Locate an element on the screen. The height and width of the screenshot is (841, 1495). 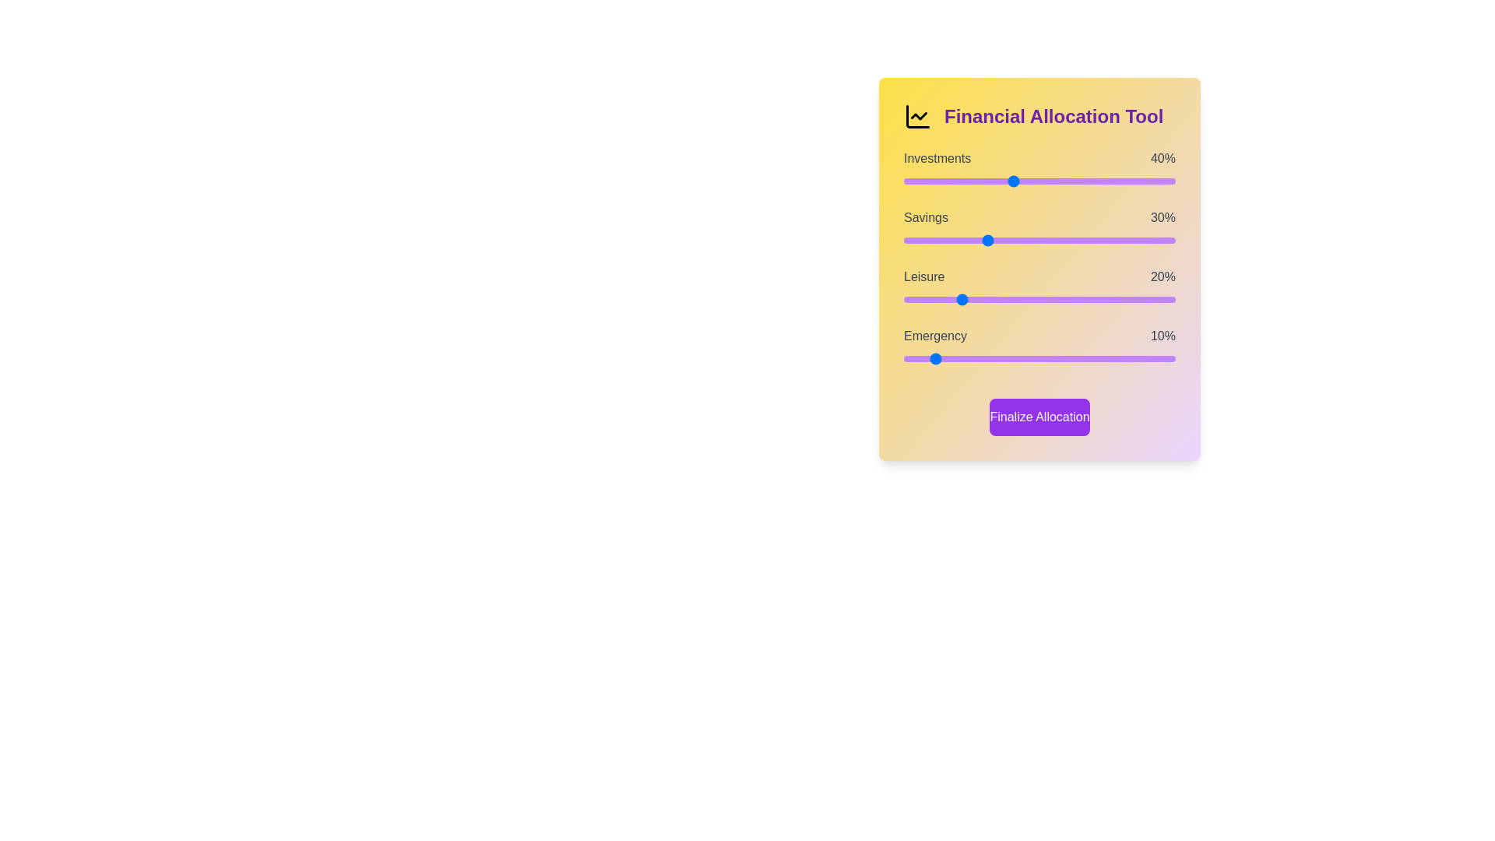
the 'Finalize Allocation' button is located at coordinates (1039, 417).